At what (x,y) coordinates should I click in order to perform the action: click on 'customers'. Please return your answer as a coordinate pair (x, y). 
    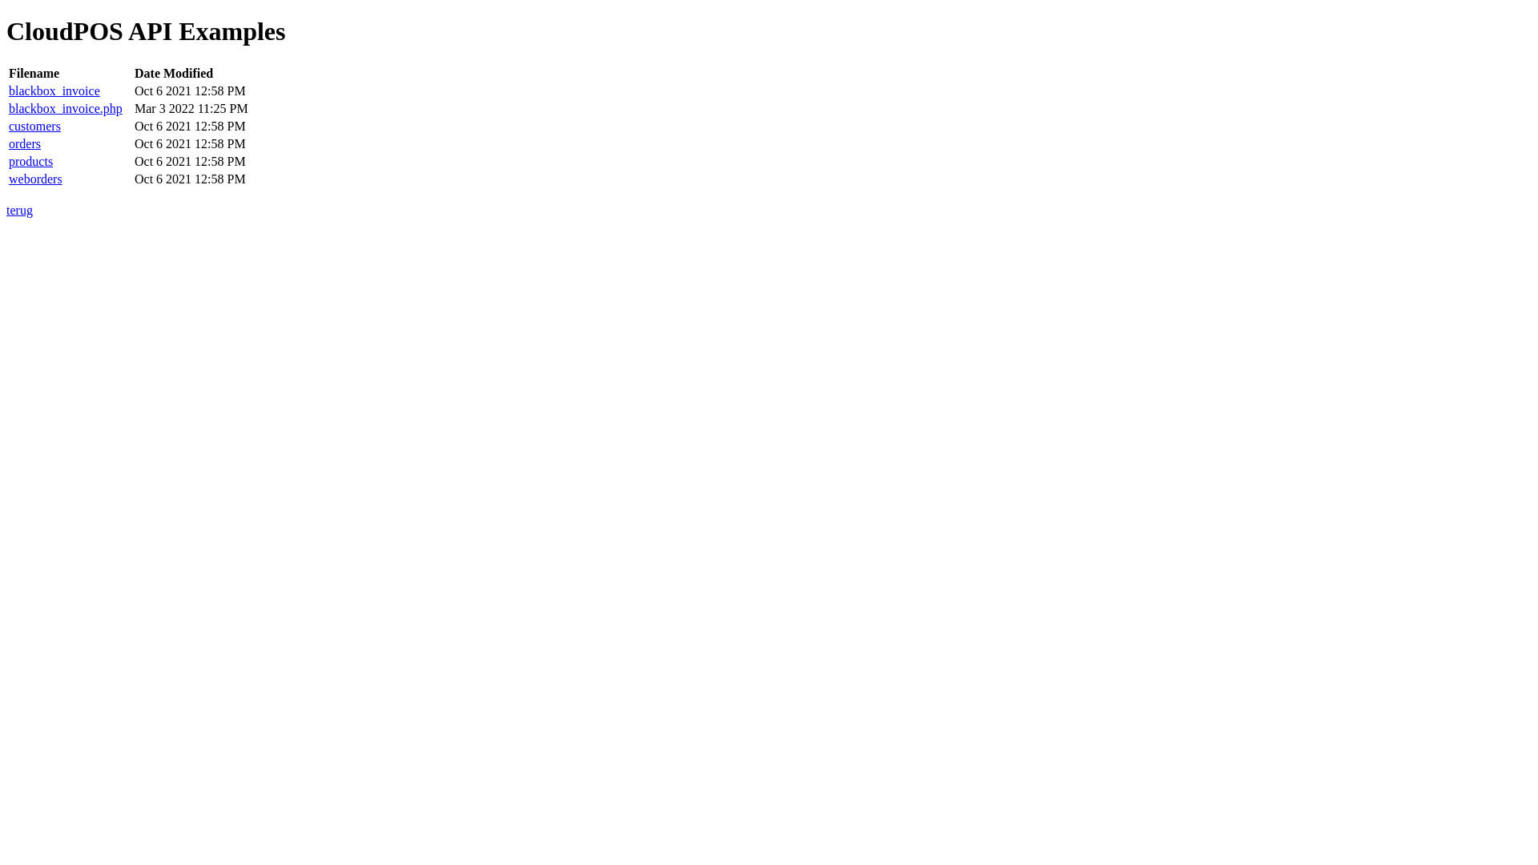
    Looking at the image, I should click on (8, 125).